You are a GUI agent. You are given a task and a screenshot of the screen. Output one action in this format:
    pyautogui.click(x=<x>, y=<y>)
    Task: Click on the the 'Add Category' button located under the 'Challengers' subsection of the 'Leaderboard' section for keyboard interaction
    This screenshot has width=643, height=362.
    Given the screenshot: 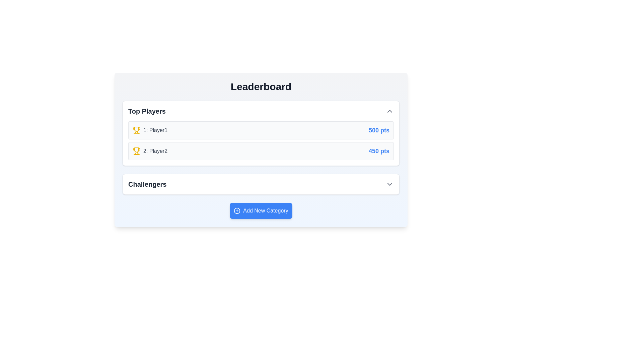 What is the action you would take?
    pyautogui.click(x=261, y=210)
    